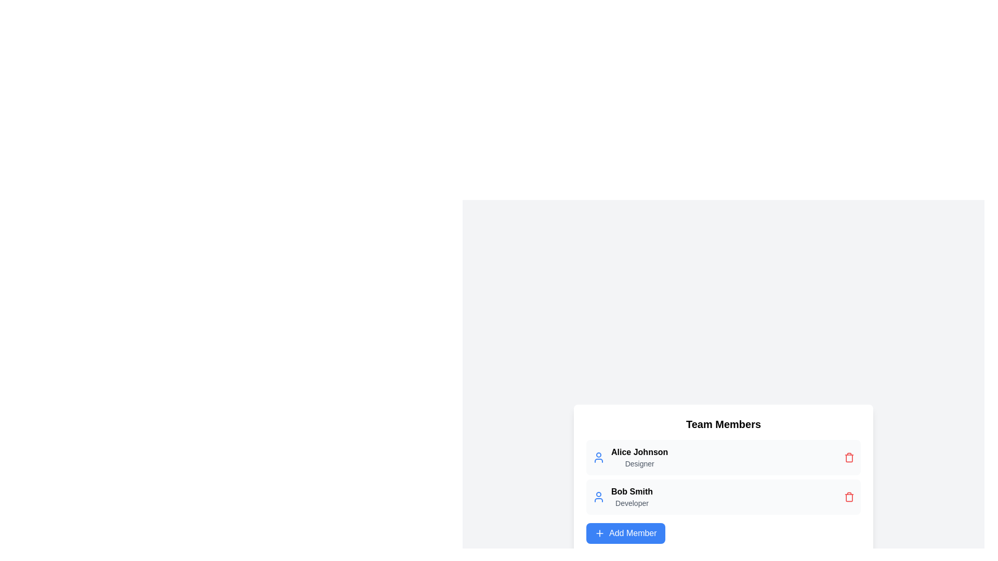  Describe the element at coordinates (599, 496) in the screenshot. I see `the user profile icon representing 'Bob Smith', which is styled with blue outlines and is located to the left of the name 'Bob Smith Developer'` at that location.